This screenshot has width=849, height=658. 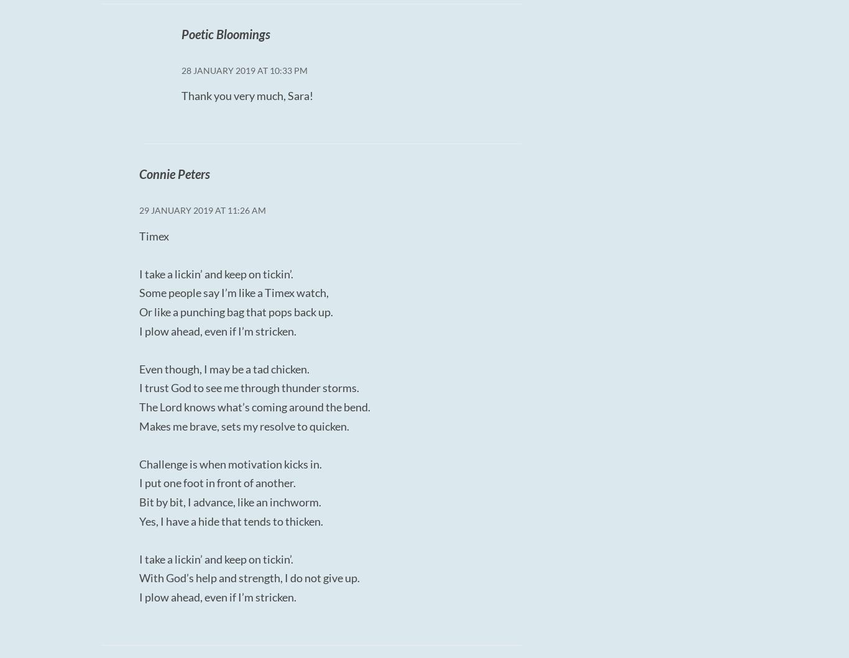 I want to click on 'I put one foot in front of another.', so click(x=216, y=482).